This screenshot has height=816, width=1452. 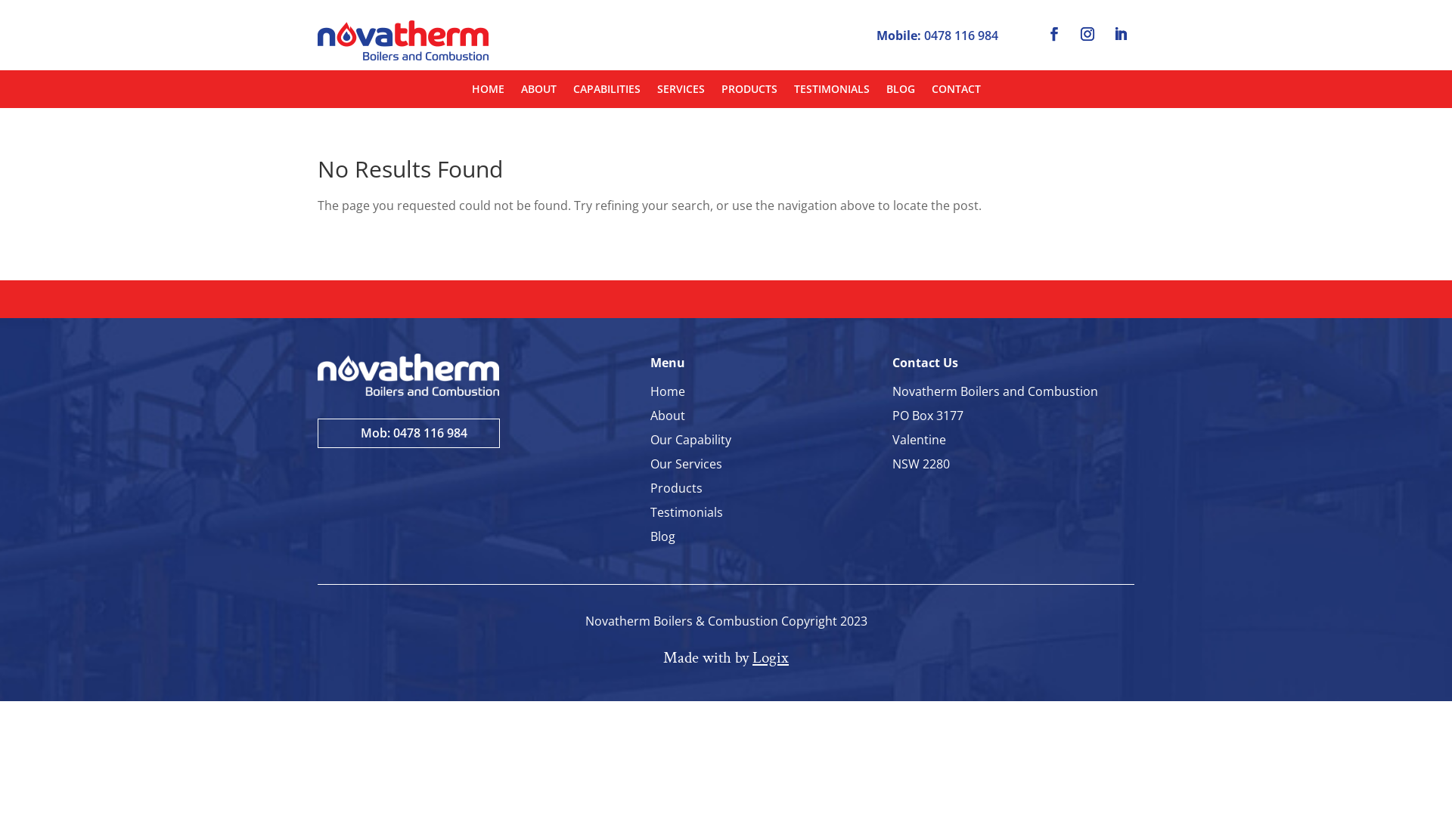 What do you see at coordinates (1107, 34) in the screenshot?
I see `'Follow on LinkedIn'` at bounding box center [1107, 34].